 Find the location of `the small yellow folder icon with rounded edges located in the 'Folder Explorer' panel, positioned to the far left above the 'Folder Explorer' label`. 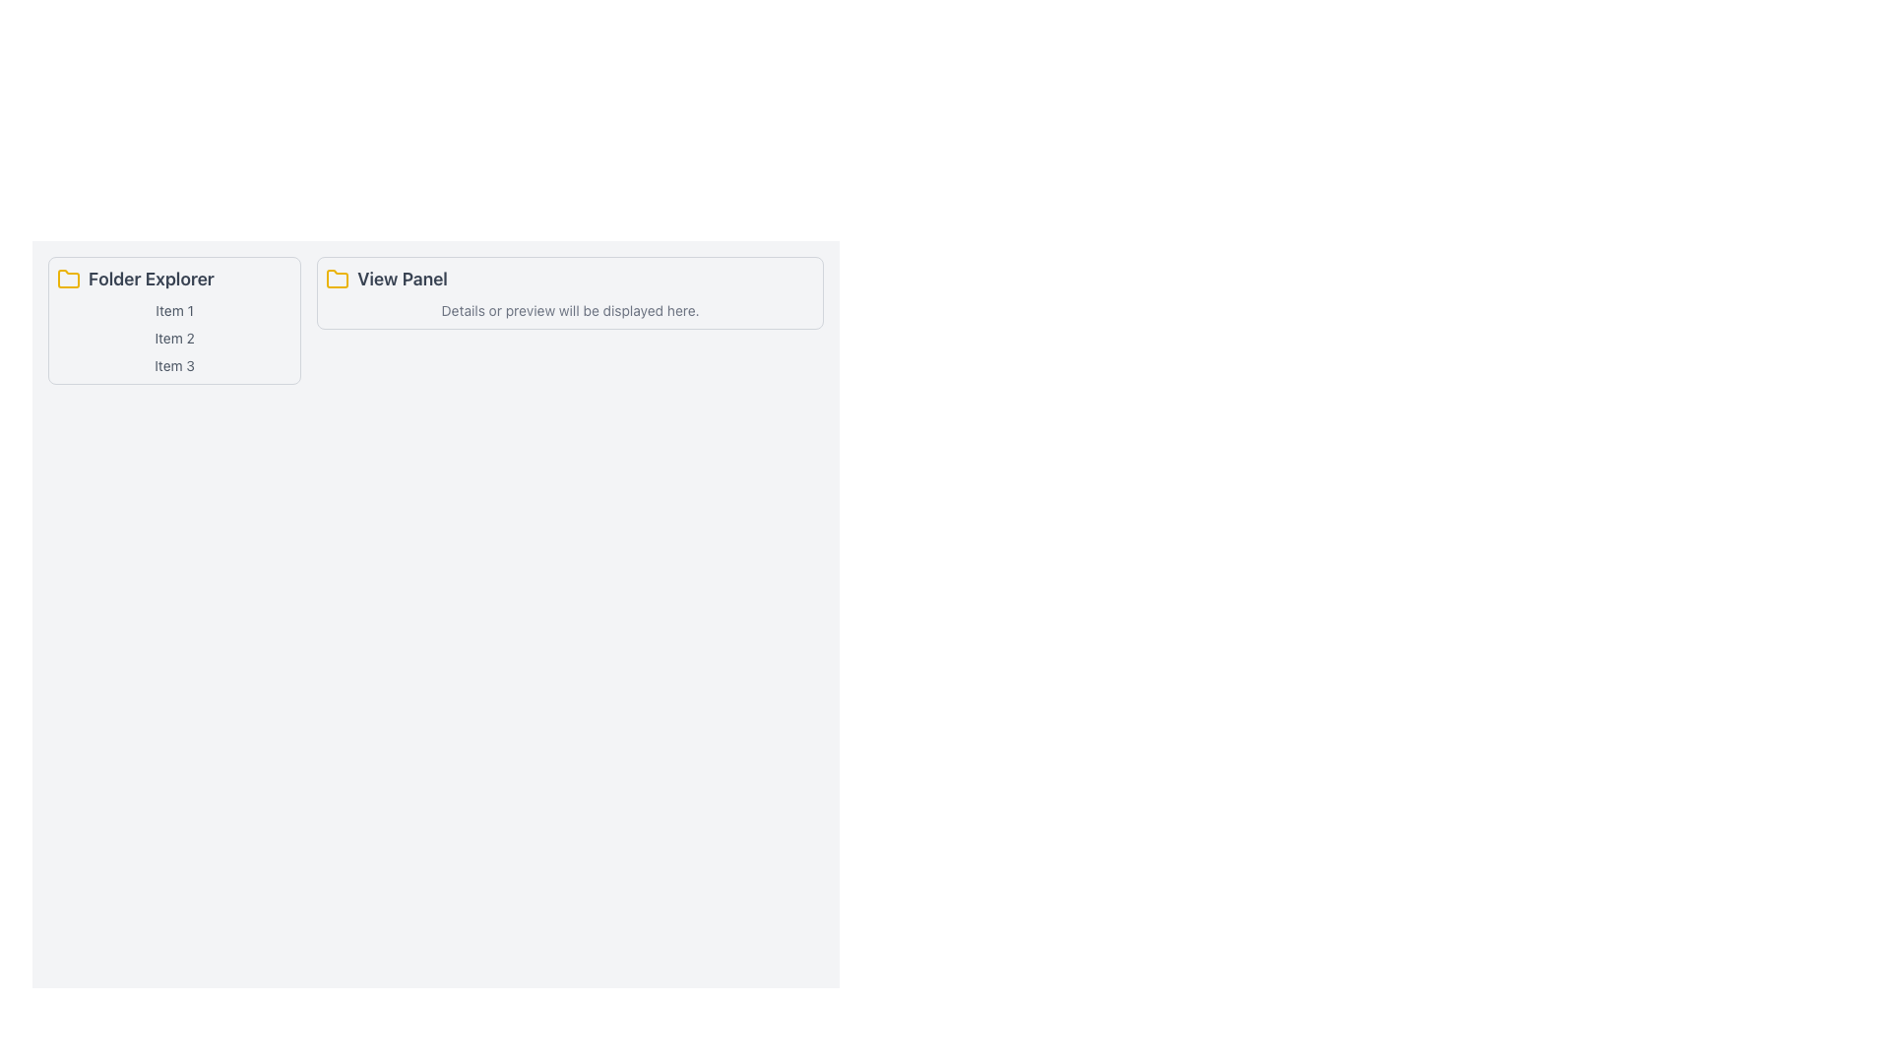

the small yellow folder icon with rounded edges located in the 'Folder Explorer' panel, positioned to the far left above the 'Folder Explorer' label is located at coordinates (69, 280).